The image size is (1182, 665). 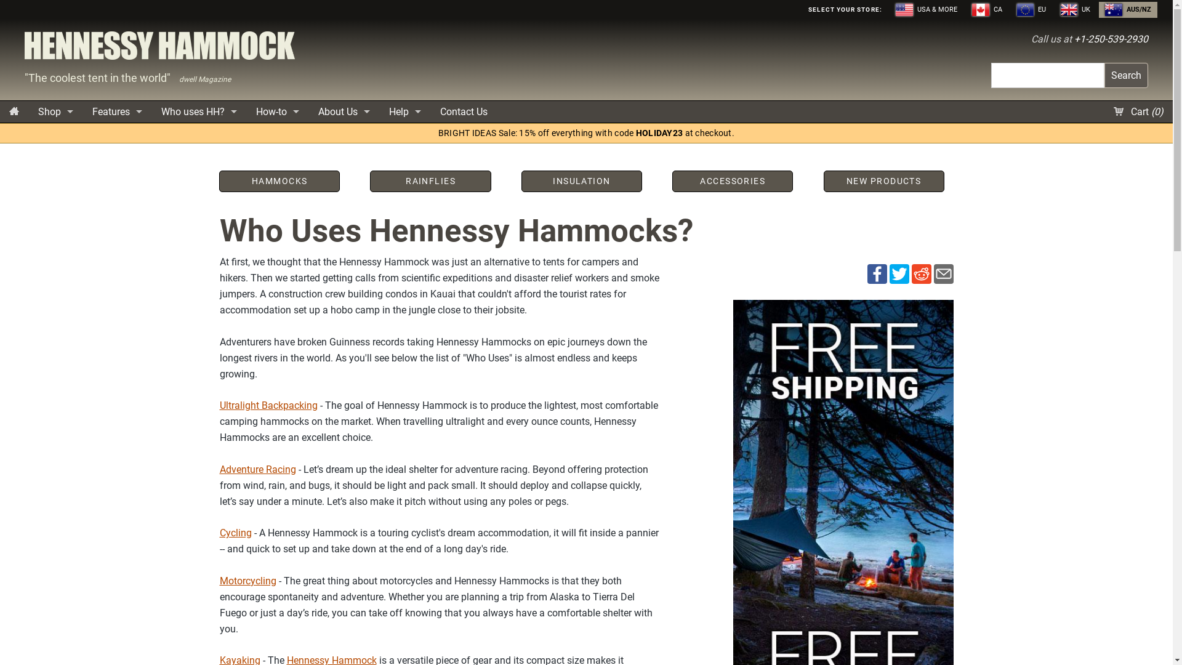 What do you see at coordinates (581, 181) in the screenshot?
I see `'INSULATION'` at bounding box center [581, 181].